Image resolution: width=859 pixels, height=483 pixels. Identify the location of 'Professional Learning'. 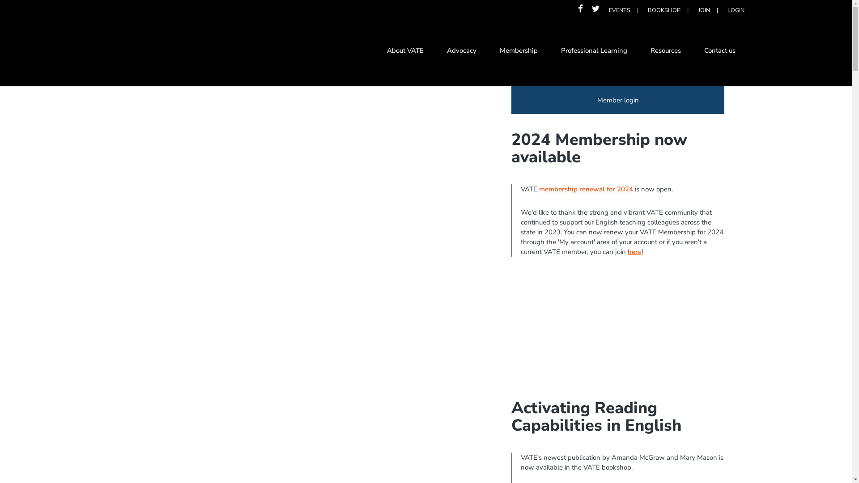
(549, 51).